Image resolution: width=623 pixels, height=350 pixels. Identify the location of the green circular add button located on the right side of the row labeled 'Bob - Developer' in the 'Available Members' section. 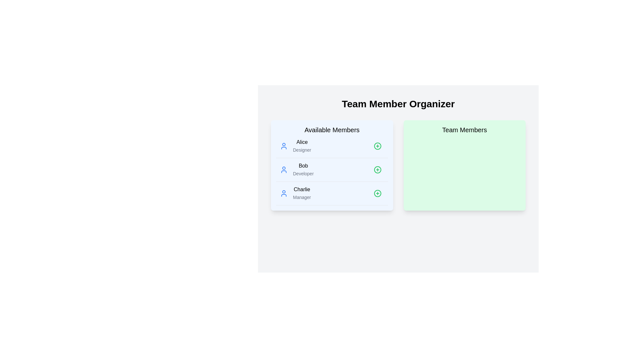
(377, 169).